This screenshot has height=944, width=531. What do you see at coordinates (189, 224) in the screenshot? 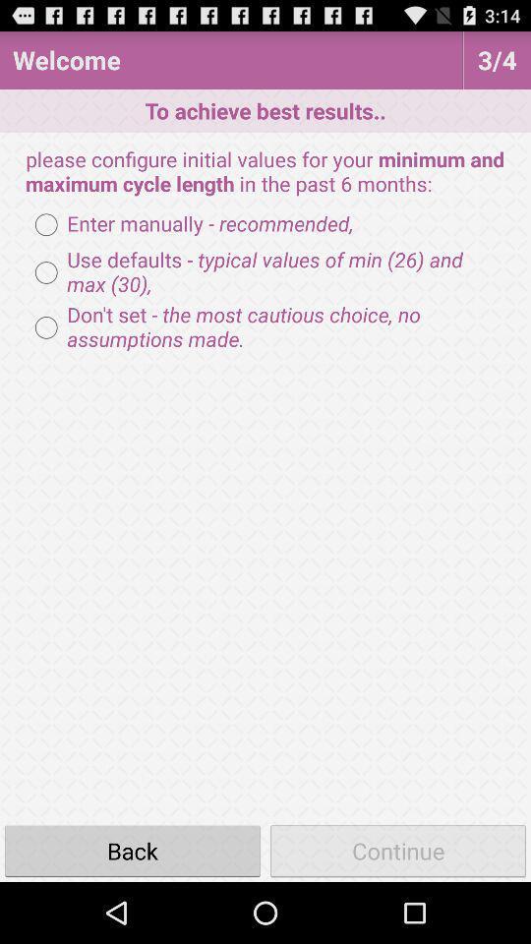
I see `icon below please configure initial` at bounding box center [189, 224].